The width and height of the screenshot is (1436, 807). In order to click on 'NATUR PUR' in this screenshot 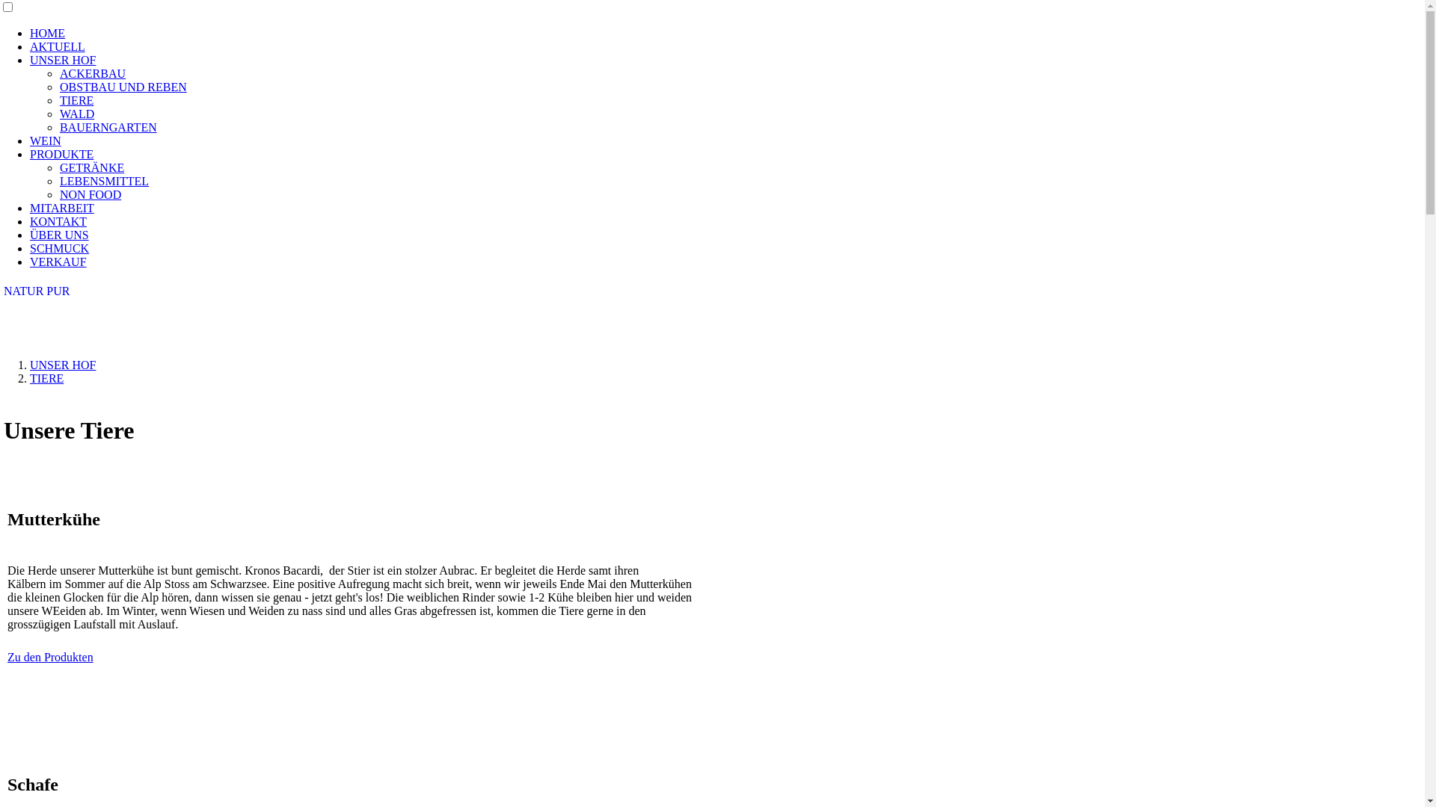, I will do `click(36, 291)`.